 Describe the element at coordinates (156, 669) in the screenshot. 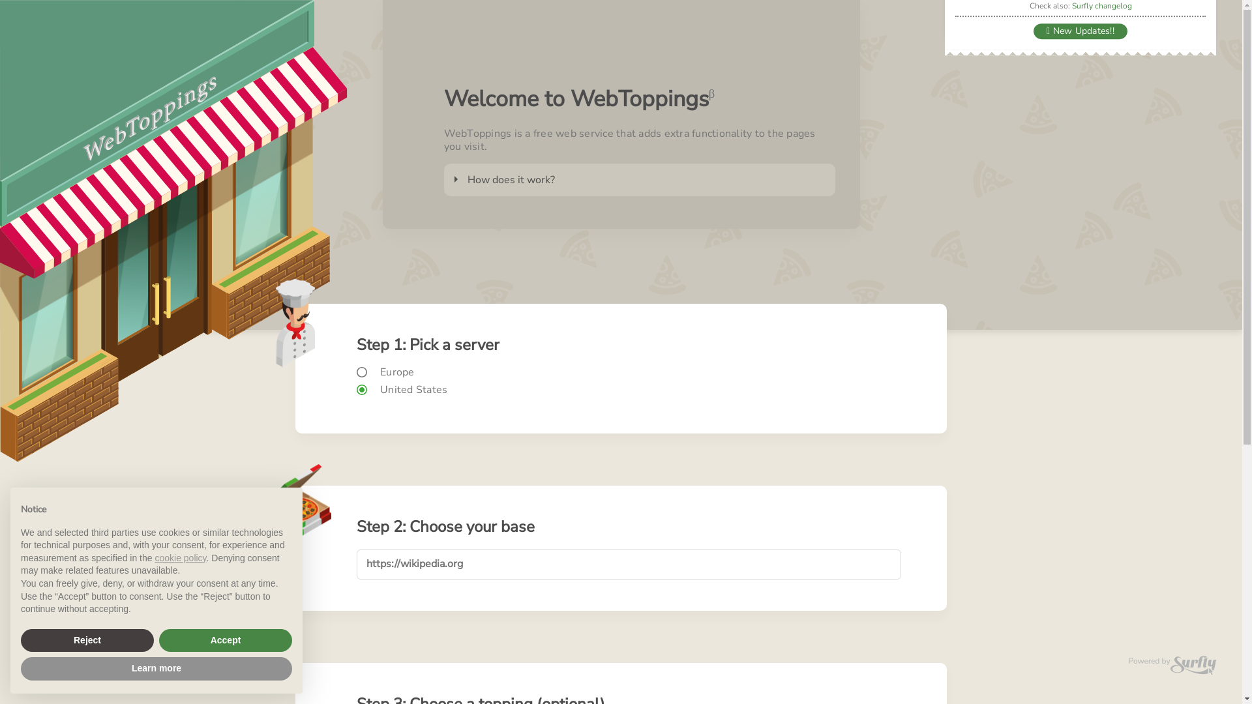

I see `'Learn more'` at that location.